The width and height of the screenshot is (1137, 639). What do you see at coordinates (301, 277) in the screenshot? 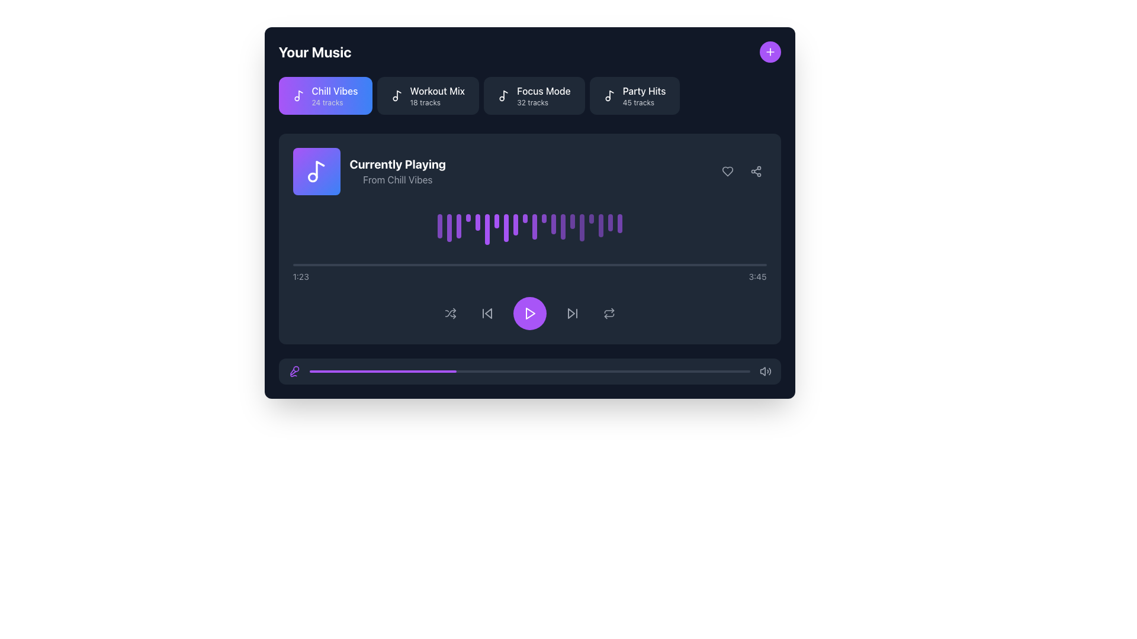
I see `time displayed in the text label showing '1:23' for the elapsed track duration, located in the bottom-left section of the music playback interface` at bounding box center [301, 277].